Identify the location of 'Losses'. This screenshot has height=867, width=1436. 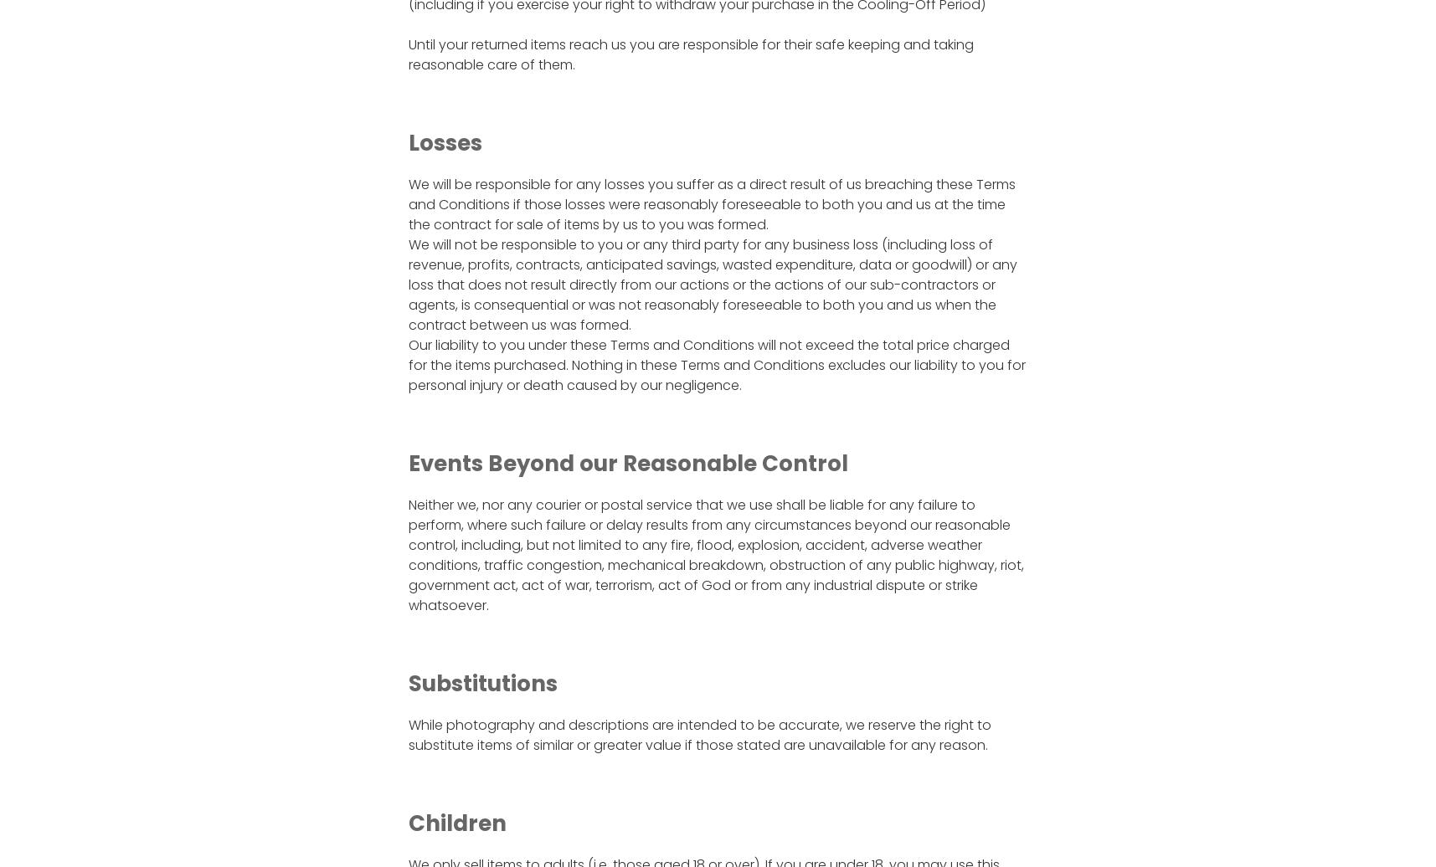
(443, 142).